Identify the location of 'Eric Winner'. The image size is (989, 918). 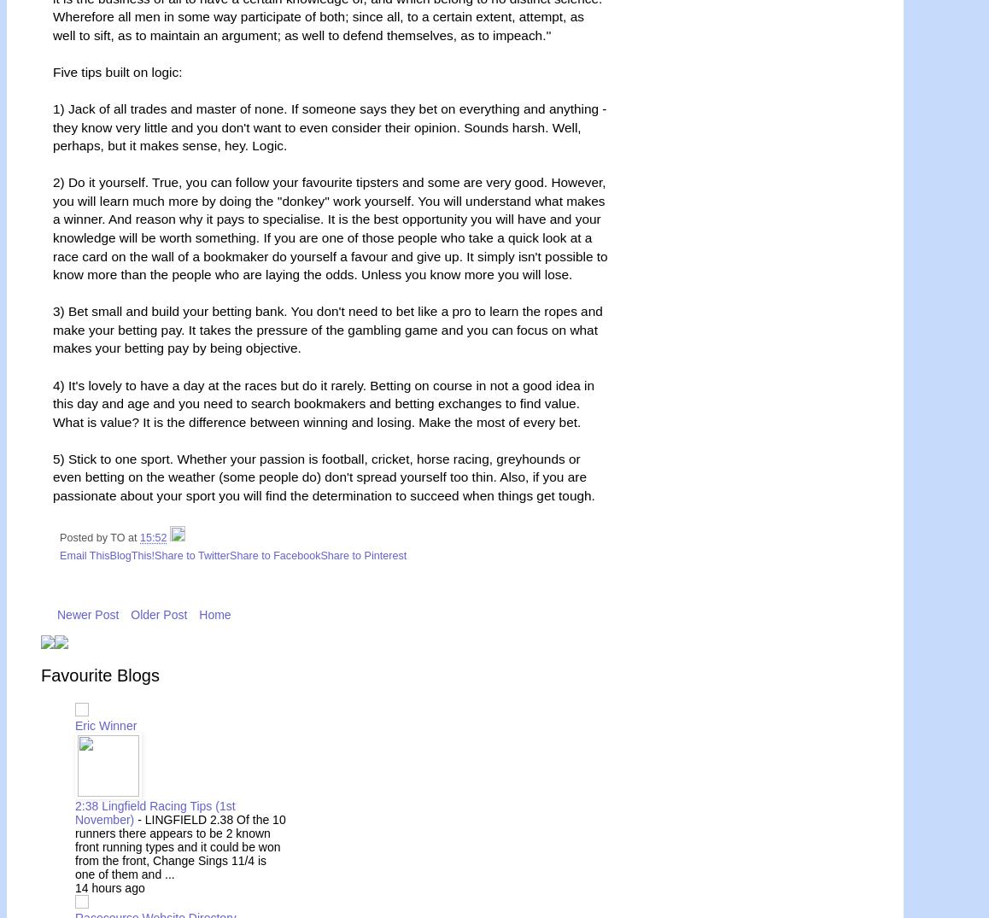
(105, 725).